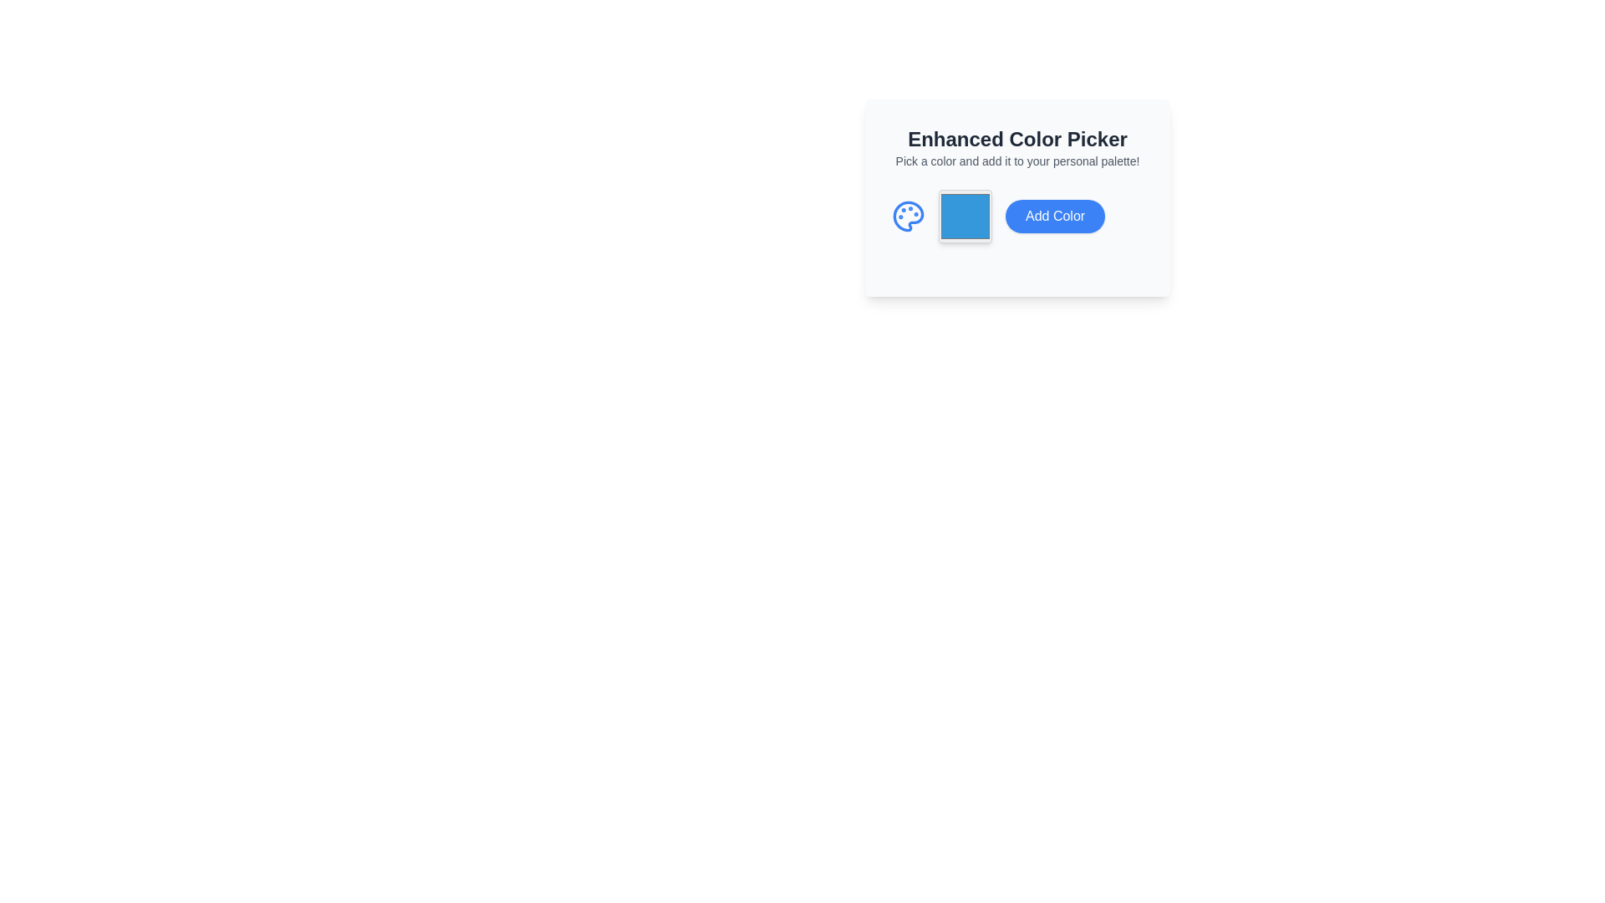  I want to click on the text block titled 'Enhanced Color Picker' which contains the subtitle 'Pick a color and add it to your personal palette!', so click(1016, 147).